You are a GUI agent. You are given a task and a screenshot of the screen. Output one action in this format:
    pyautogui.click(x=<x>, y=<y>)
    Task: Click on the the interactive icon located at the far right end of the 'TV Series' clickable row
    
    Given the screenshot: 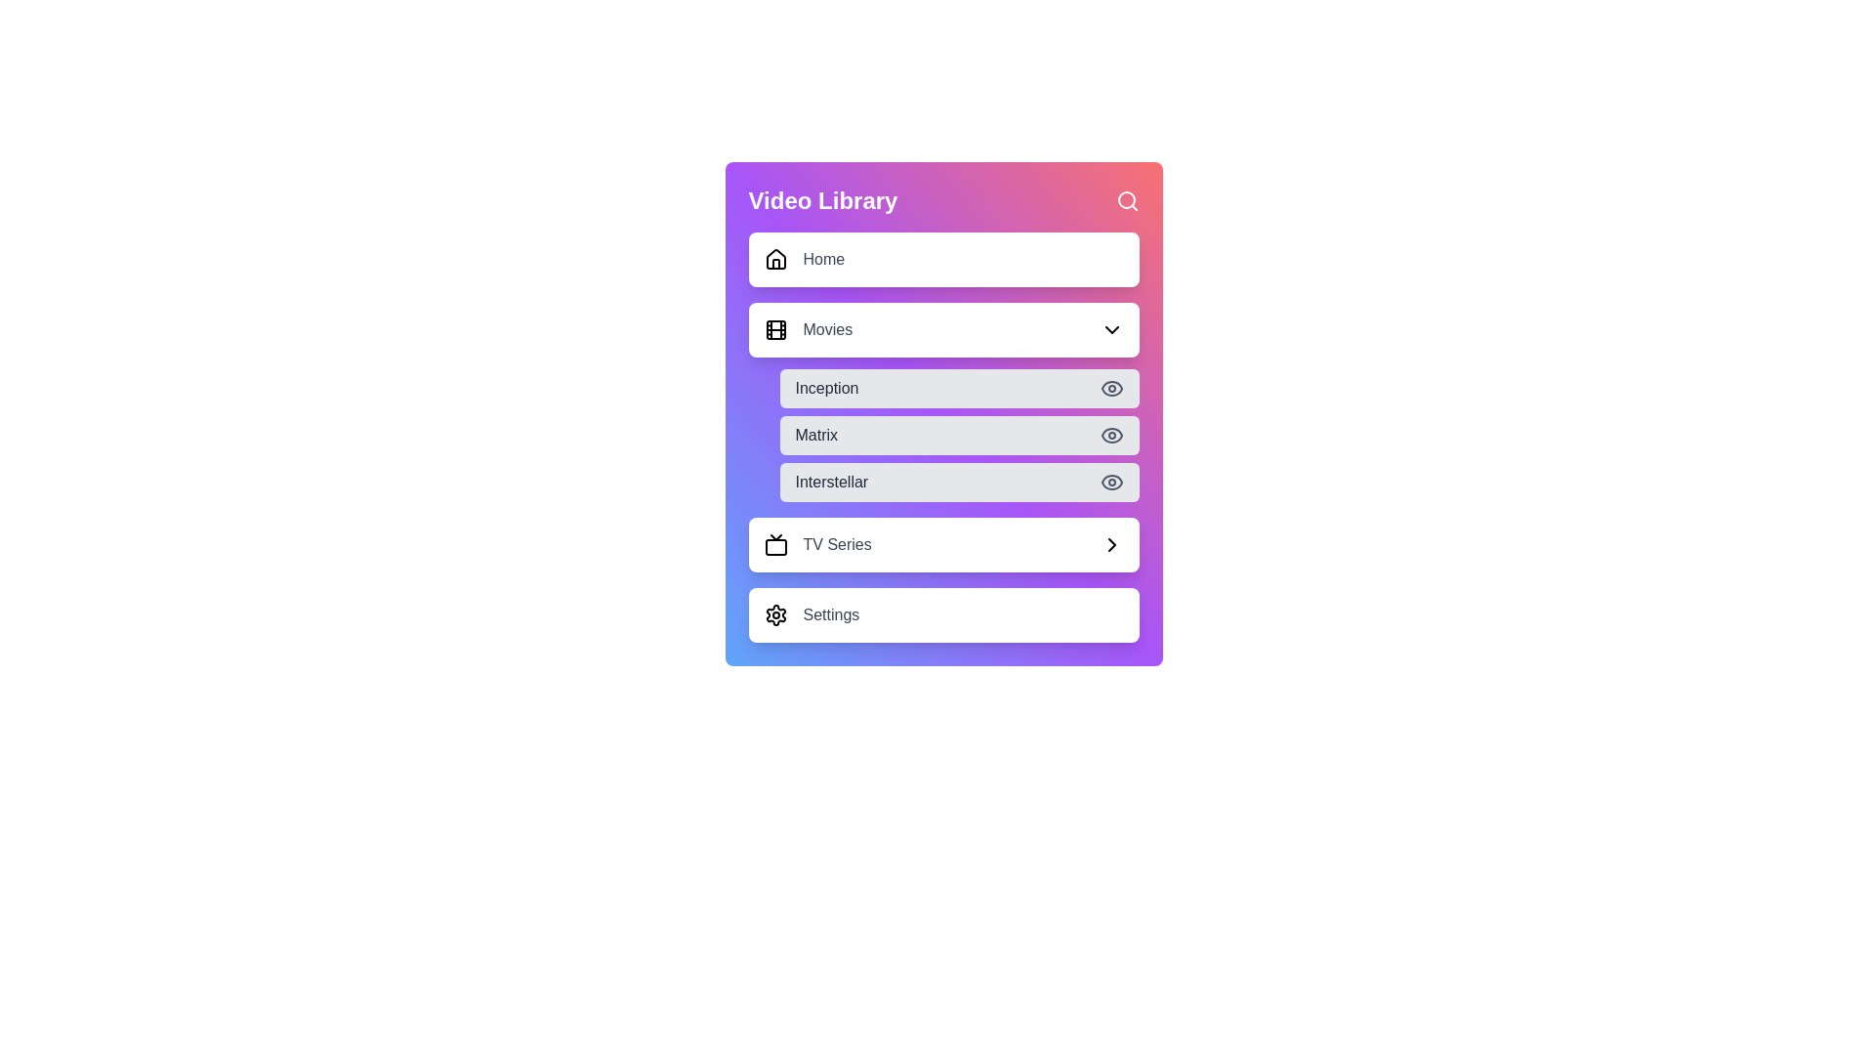 What is the action you would take?
    pyautogui.click(x=1111, y=545)
    